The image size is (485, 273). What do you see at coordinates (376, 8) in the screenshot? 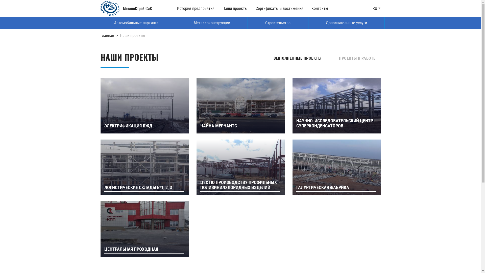
I see `'RU'` at bounding box center [376, 8].